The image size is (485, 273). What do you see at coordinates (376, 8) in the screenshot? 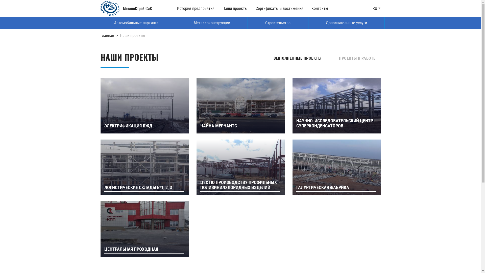
I see `'RU'` at bounding box center [376, 8].